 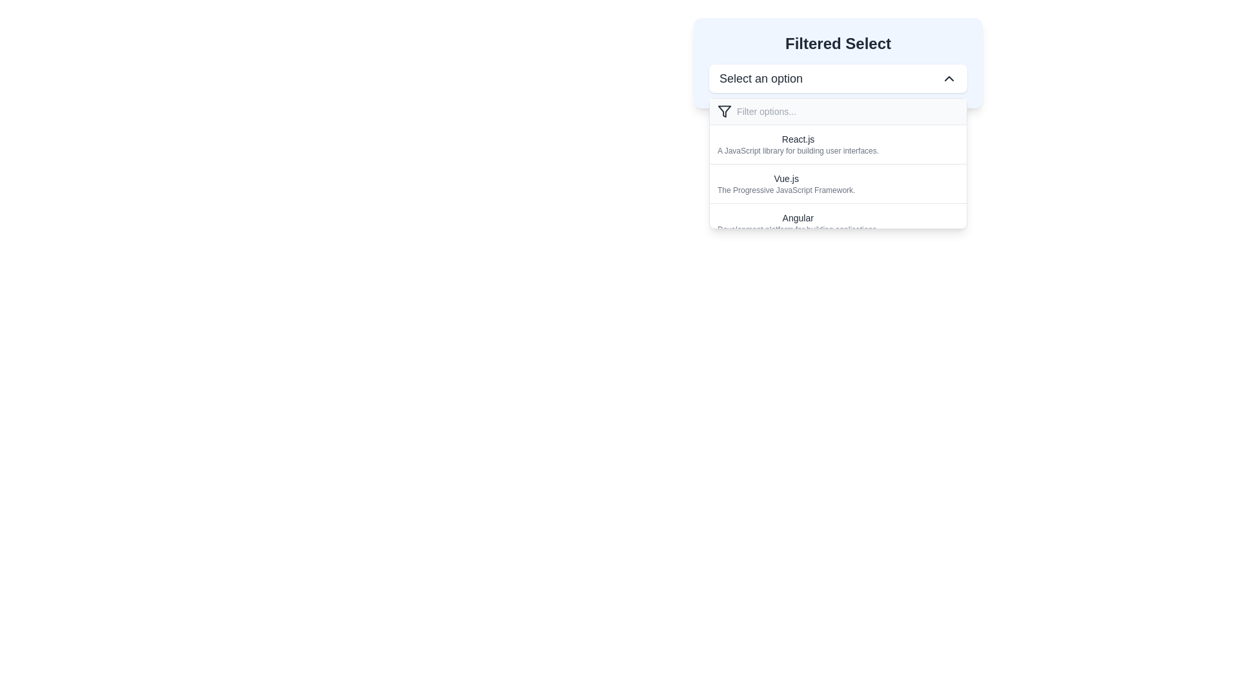 I want to click on the filtering options icon located within the dropdown menu, to the left of the 'Filter options...' text input field, so click(x=725, y=111).